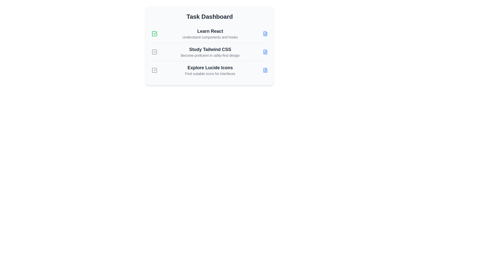 Image resolution: width=481 pixels, height=270 pixels. What do you see at coordinates (265, 52) in the screenshot?
I see `the document icon corresponding to the task 'Study Tailwind CSS'` at bounding box center [265, 52].